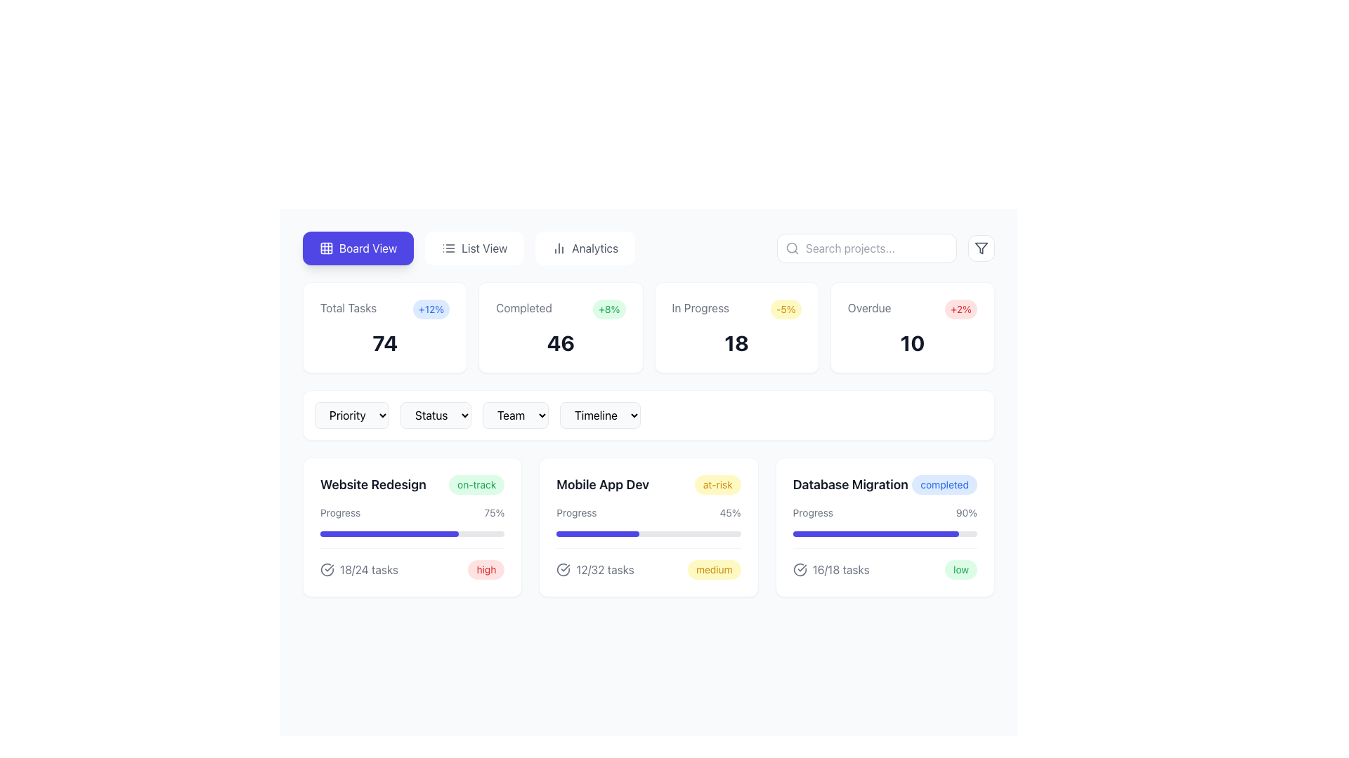  Describe the element at coordinates (435, 414) in the screenshot. I see `the 'Status' dropdown menu button, which is pill-shaped with a light gray background and a downward-facing arrow` at that location.